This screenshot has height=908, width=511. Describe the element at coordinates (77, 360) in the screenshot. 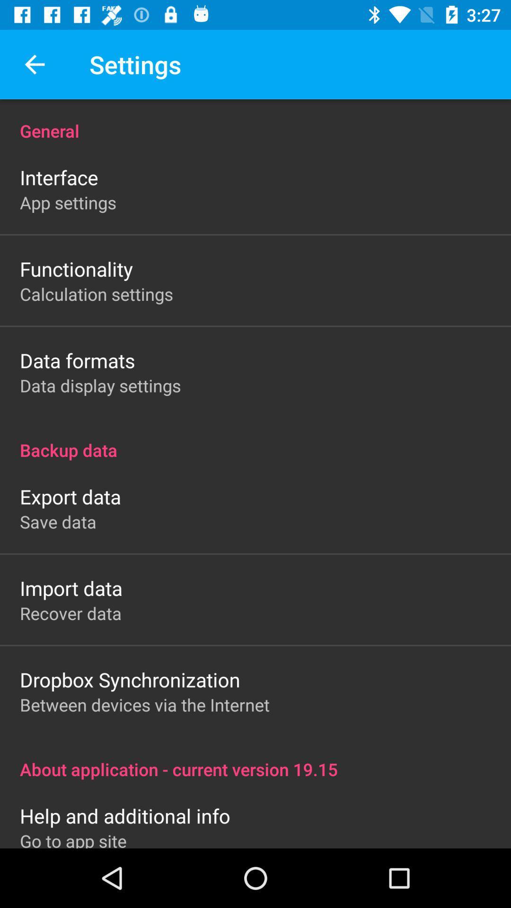

I see `data formats item` at that location.